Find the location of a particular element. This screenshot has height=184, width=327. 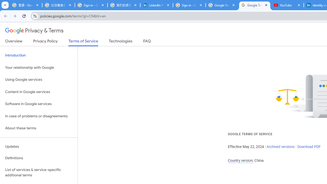

'Technologies' is located at coordinates (120, 42).